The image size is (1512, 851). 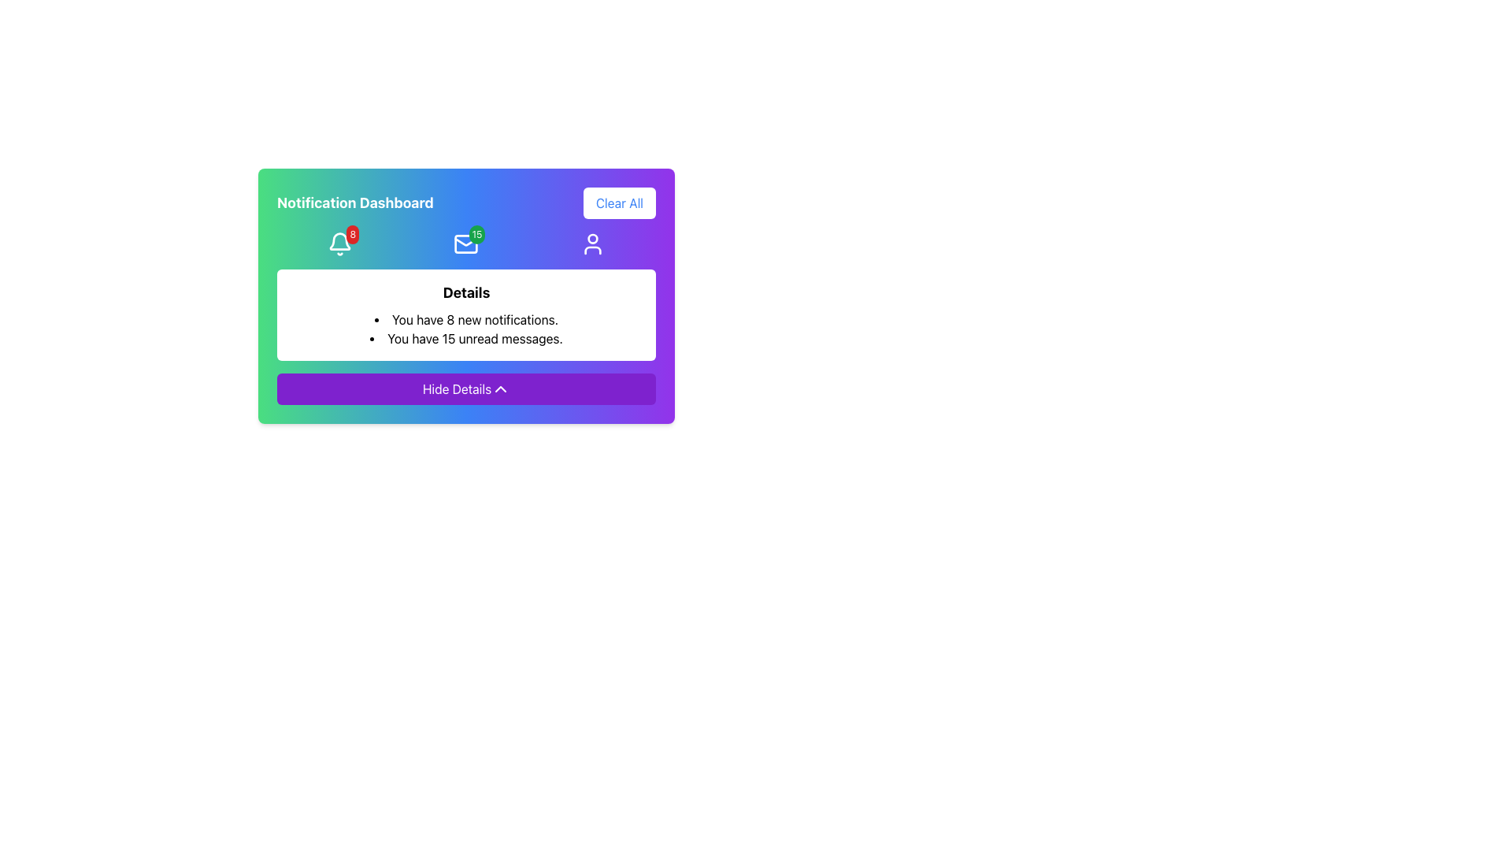 What do you see at coordinates (465, 337) in the screenshot?
I see `the static text element that displays the count of unread messages, located within the 'Details' section of the notification dashboard, beneath the notifications list item` at bounding box center [465, 337].